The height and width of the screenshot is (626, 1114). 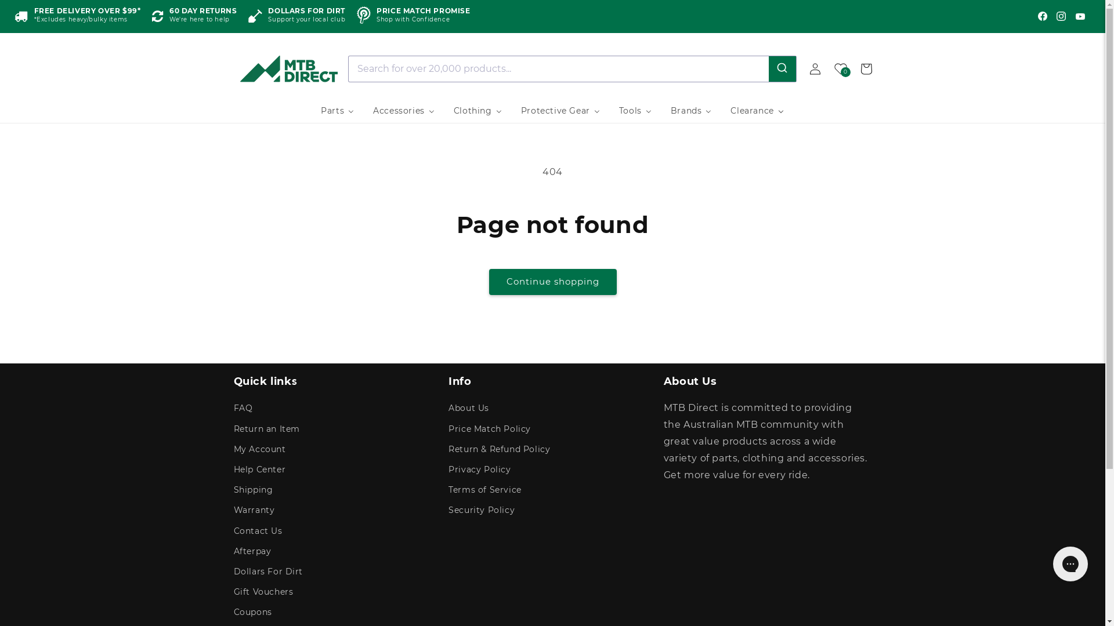 I want to click on 'Log in', so click(x=801, y=68).